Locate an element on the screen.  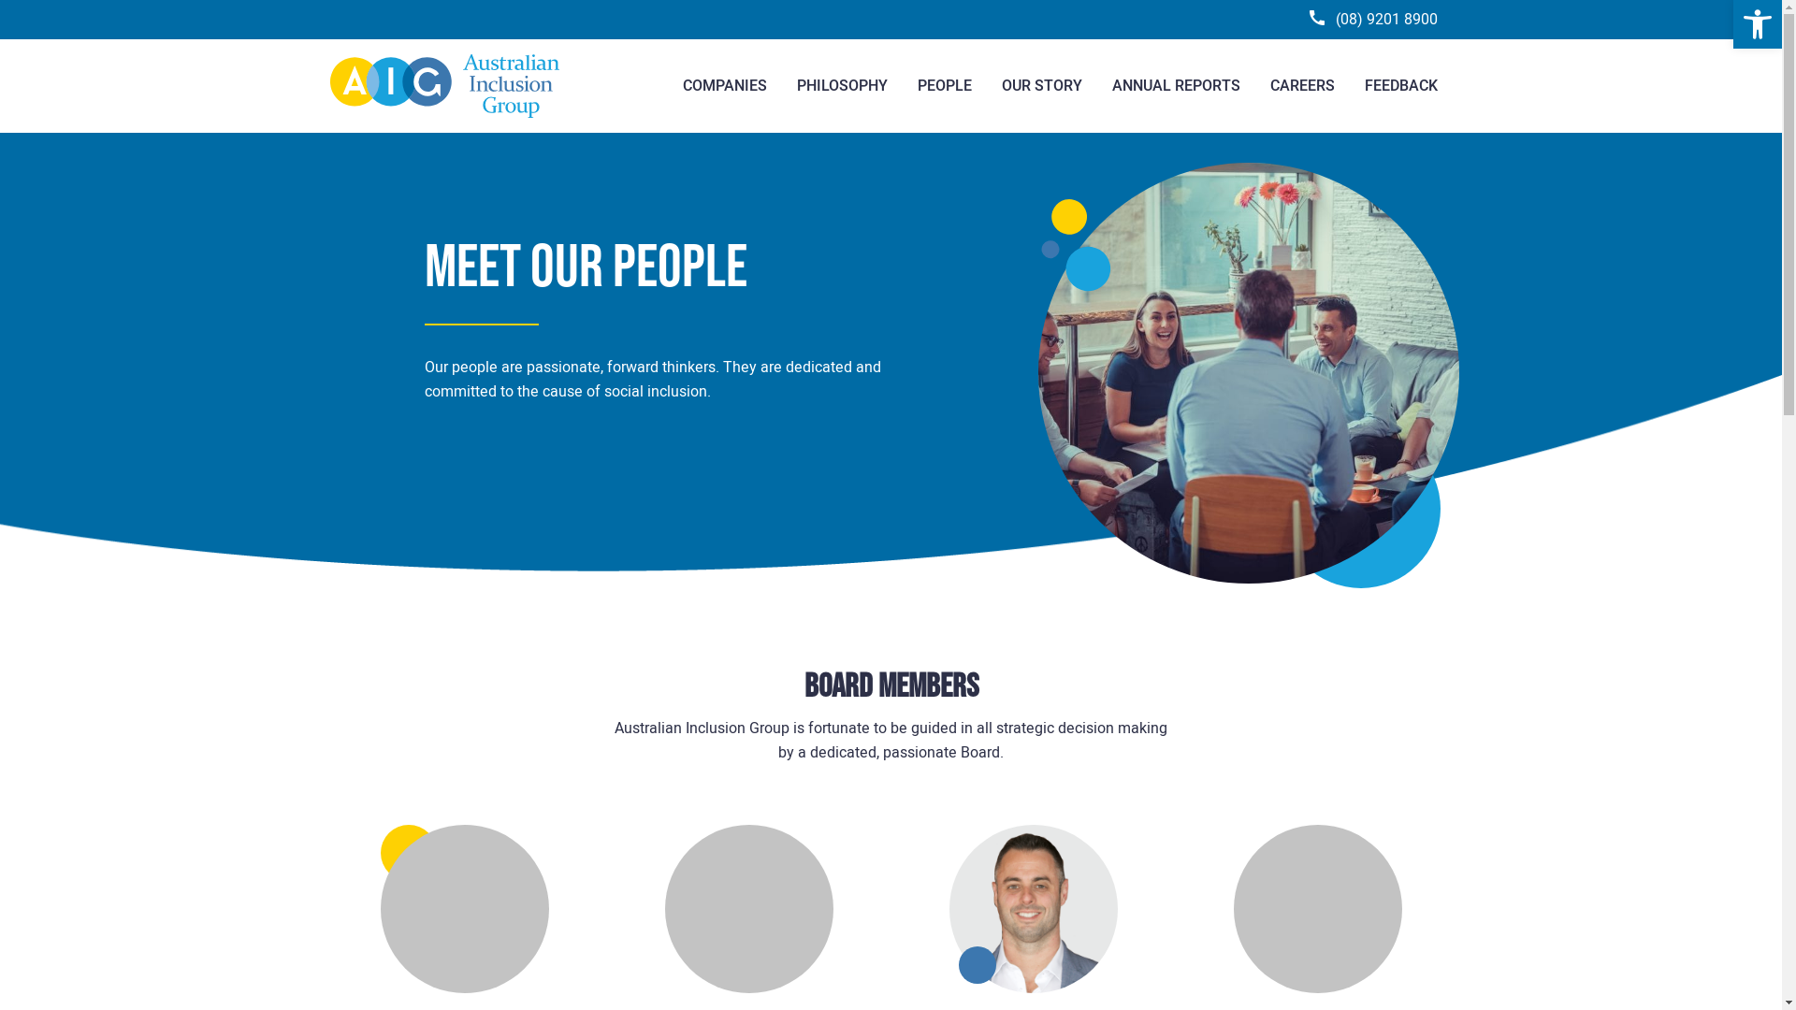
'OUR STORY' is located at coordinates (1000, 86).